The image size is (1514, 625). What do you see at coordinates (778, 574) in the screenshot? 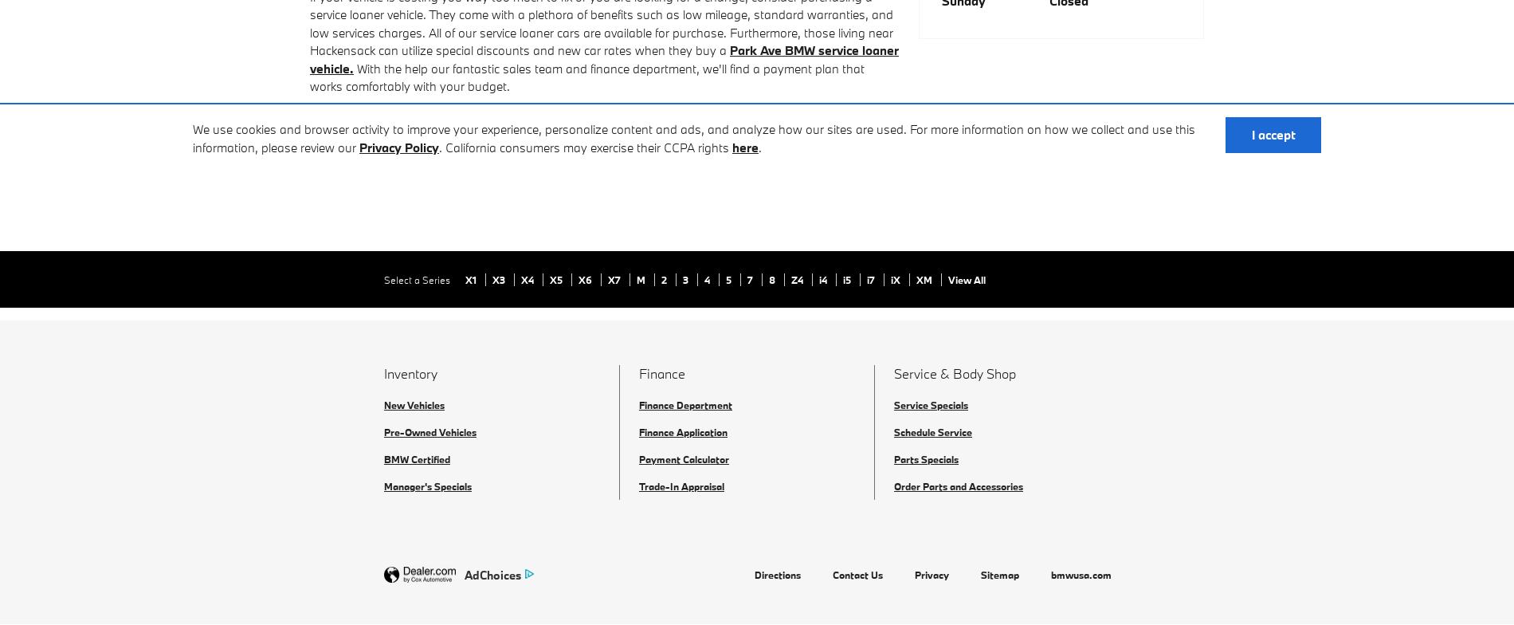
I see `'Directions'` at bounding box center [778, 574].